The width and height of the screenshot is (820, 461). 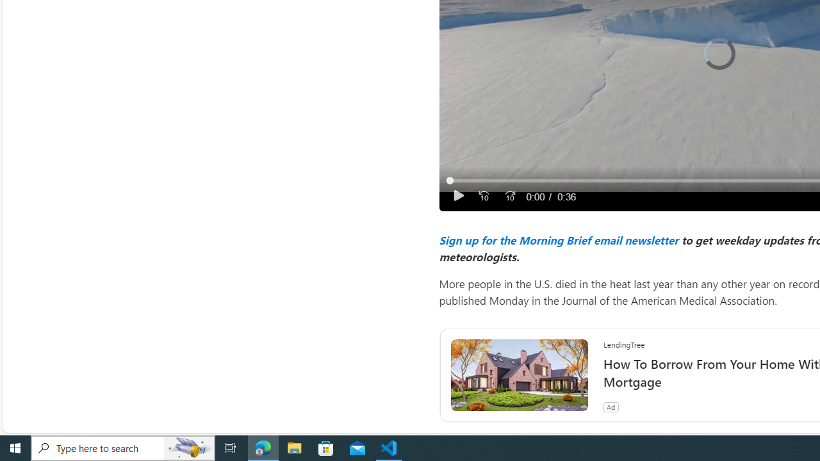 I want to click on 'Ad', so click(x=610, y=407).